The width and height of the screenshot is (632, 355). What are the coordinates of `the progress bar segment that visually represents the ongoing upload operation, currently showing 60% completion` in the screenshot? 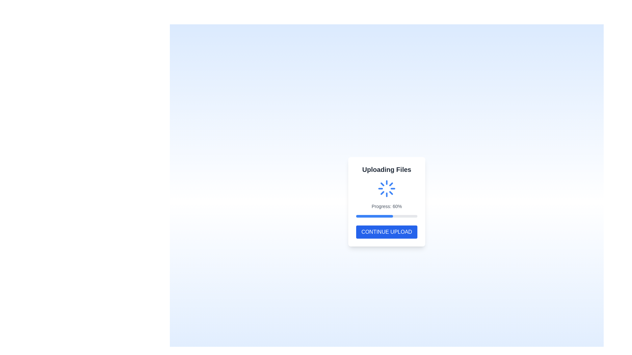 It's located at (374, 216).